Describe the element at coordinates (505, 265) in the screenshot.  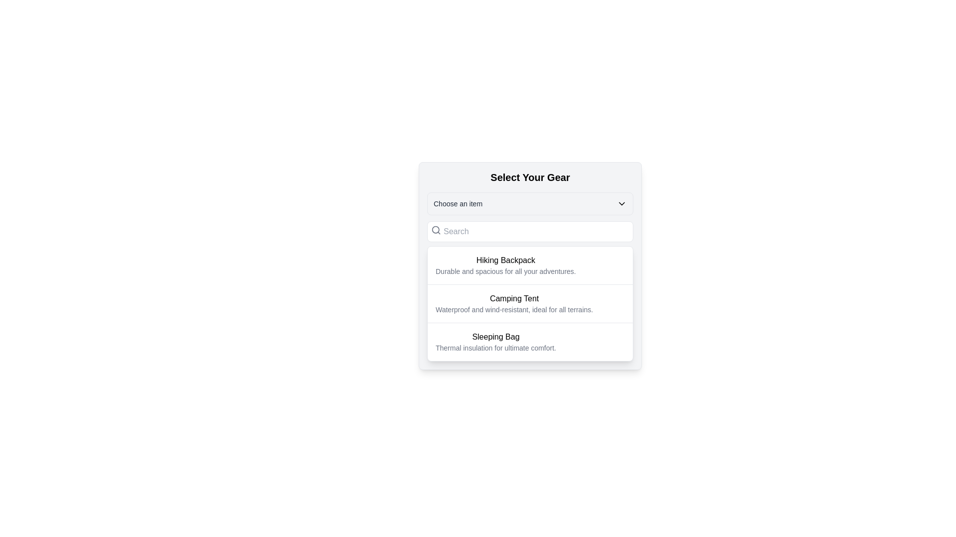
I see `title and description of the selectable item titled 'Hiking Backpack' located in the dropdown 'Select Your Gear', which is the first item in the list` at that location.